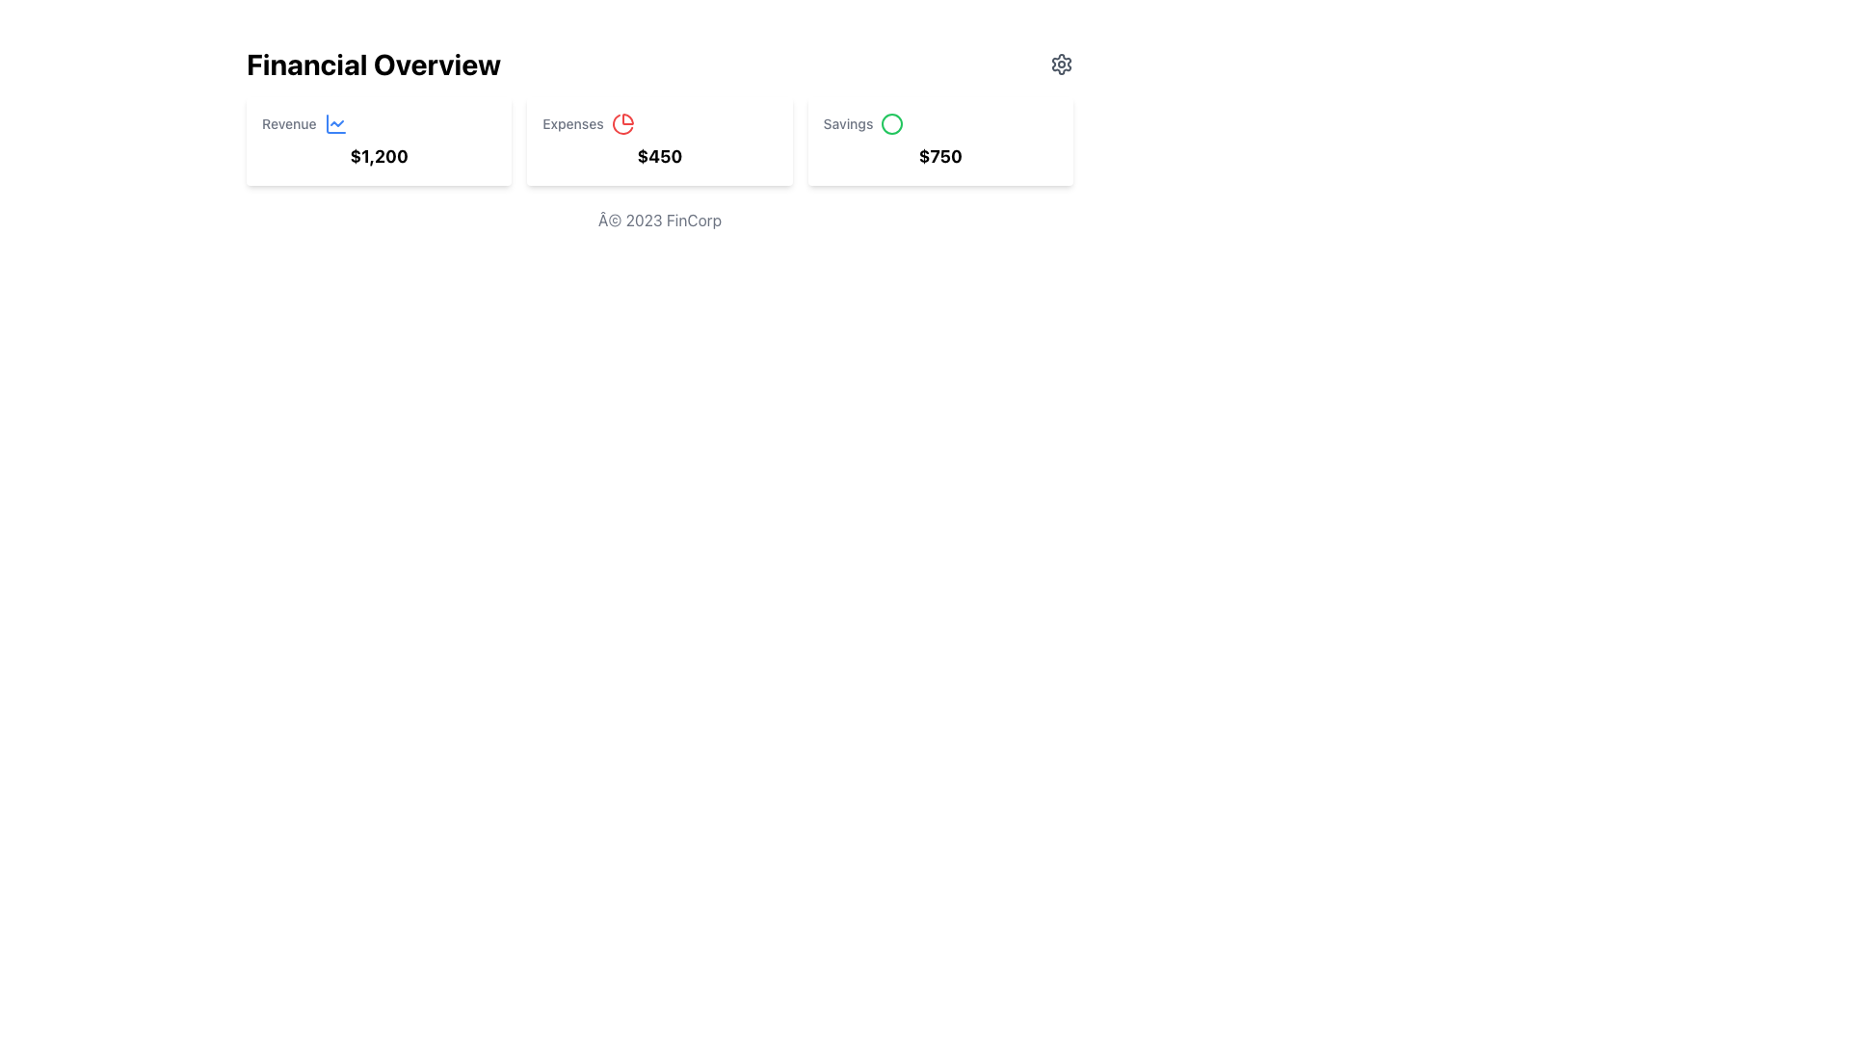 The image size is (1850, 1040). What do you see at coordinates (660, 140) in the screenshot?
I see `the Information Card displaying the title 'Expenses' and the value '$450', which is the second card in a three-column layout` at bounding box center [660, 140].